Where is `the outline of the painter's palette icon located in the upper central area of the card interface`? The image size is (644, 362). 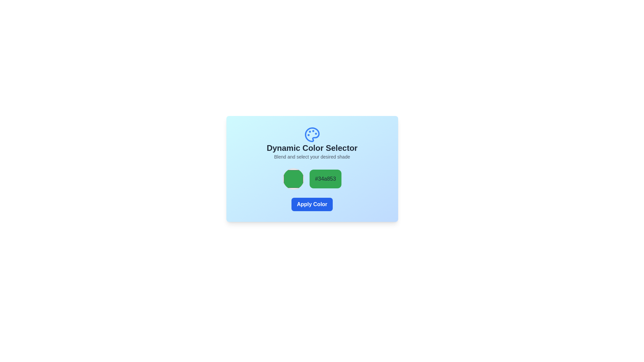 the outline of the painter's palette icon located in the upper central area of the card interface is located at coordinates (312, 134).